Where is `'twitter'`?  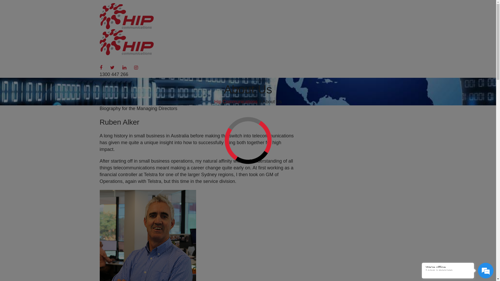
'twitter' is located at coordinates (110, 67).